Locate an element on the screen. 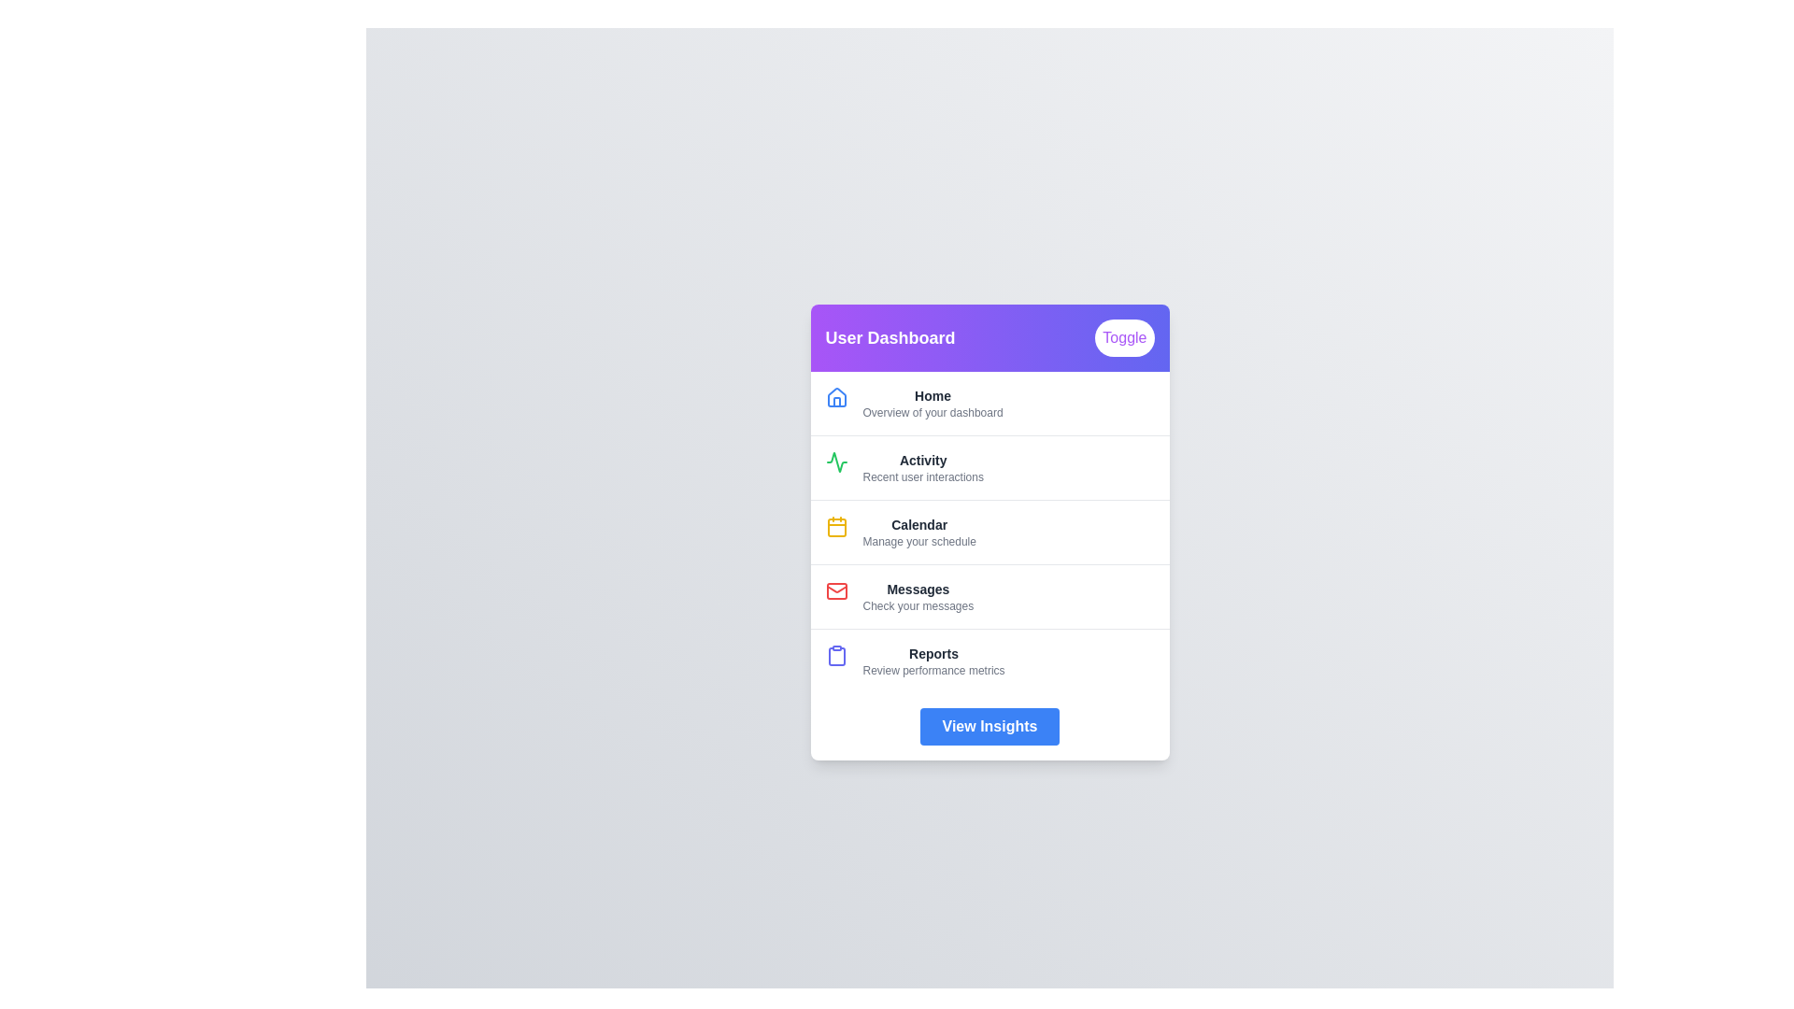 The height and width of the screenshot is (1009, 1794). the menu item corresponding to Messages is located at coordinates (989, 596).